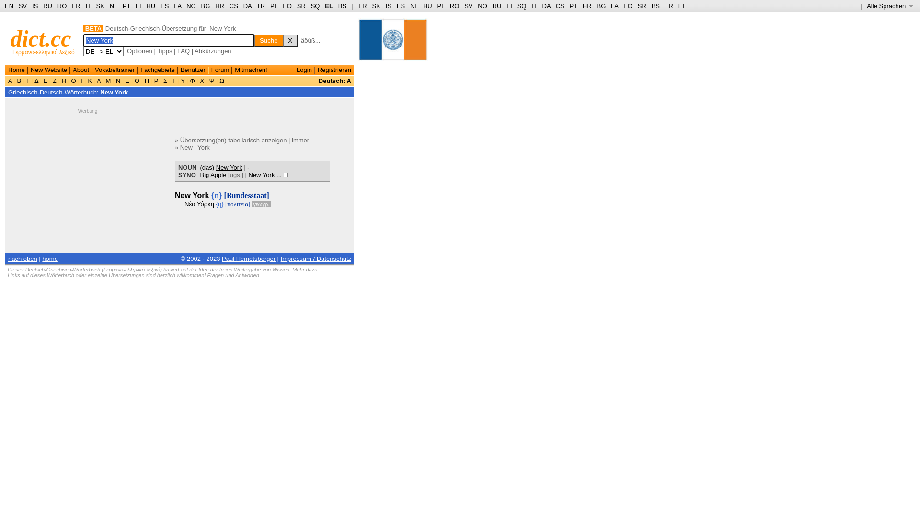 This screenshot has width=920, height=518. Describe the element at coordinates (492, 6) in the screenshot. I see `'RU'` at that location.